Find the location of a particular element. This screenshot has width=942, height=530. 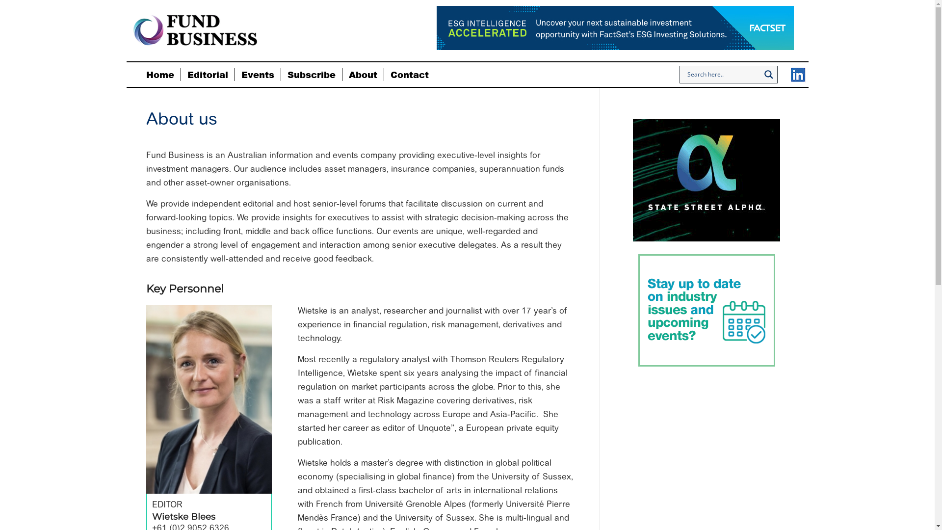

'Events' is located at coordinates (257, 74).